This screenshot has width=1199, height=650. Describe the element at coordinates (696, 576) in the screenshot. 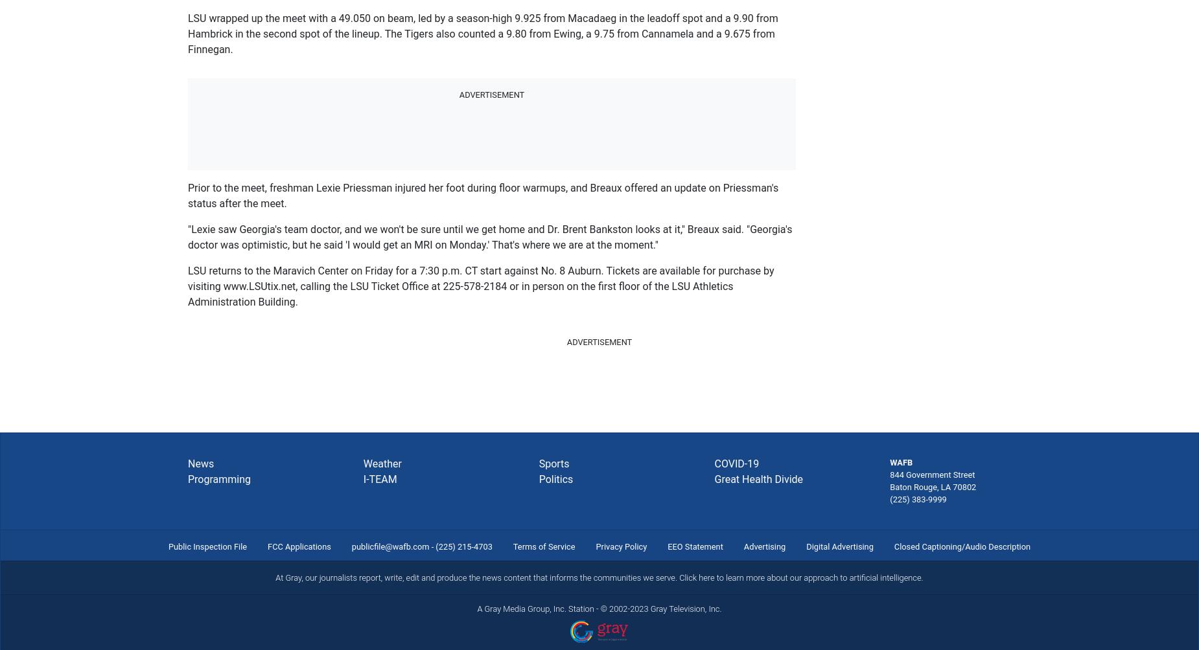

I see `'Click here'` at that location.